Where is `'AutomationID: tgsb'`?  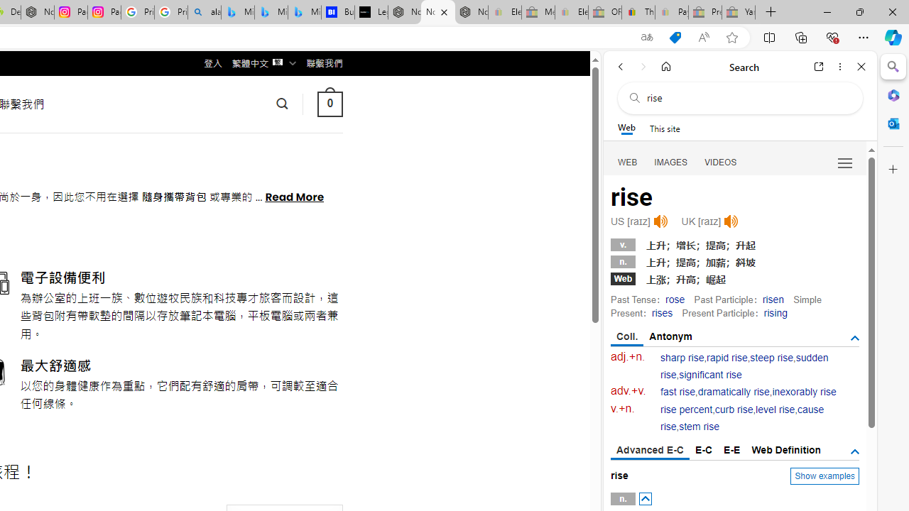 'AutomationID: tgsb' is located at coordinates (854, 339).